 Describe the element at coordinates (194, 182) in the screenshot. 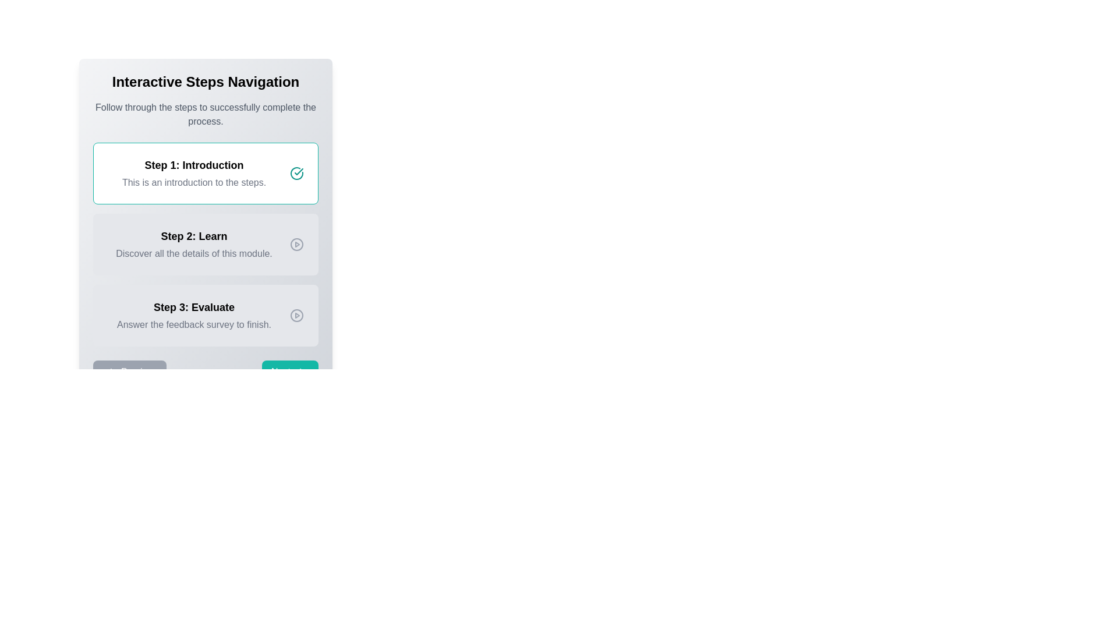

I see `the descriptive text element providing information about 'Step 1' in the interactive steps navigation panel, located beneath the bold title 'Step 1: Introduction'` at that location.